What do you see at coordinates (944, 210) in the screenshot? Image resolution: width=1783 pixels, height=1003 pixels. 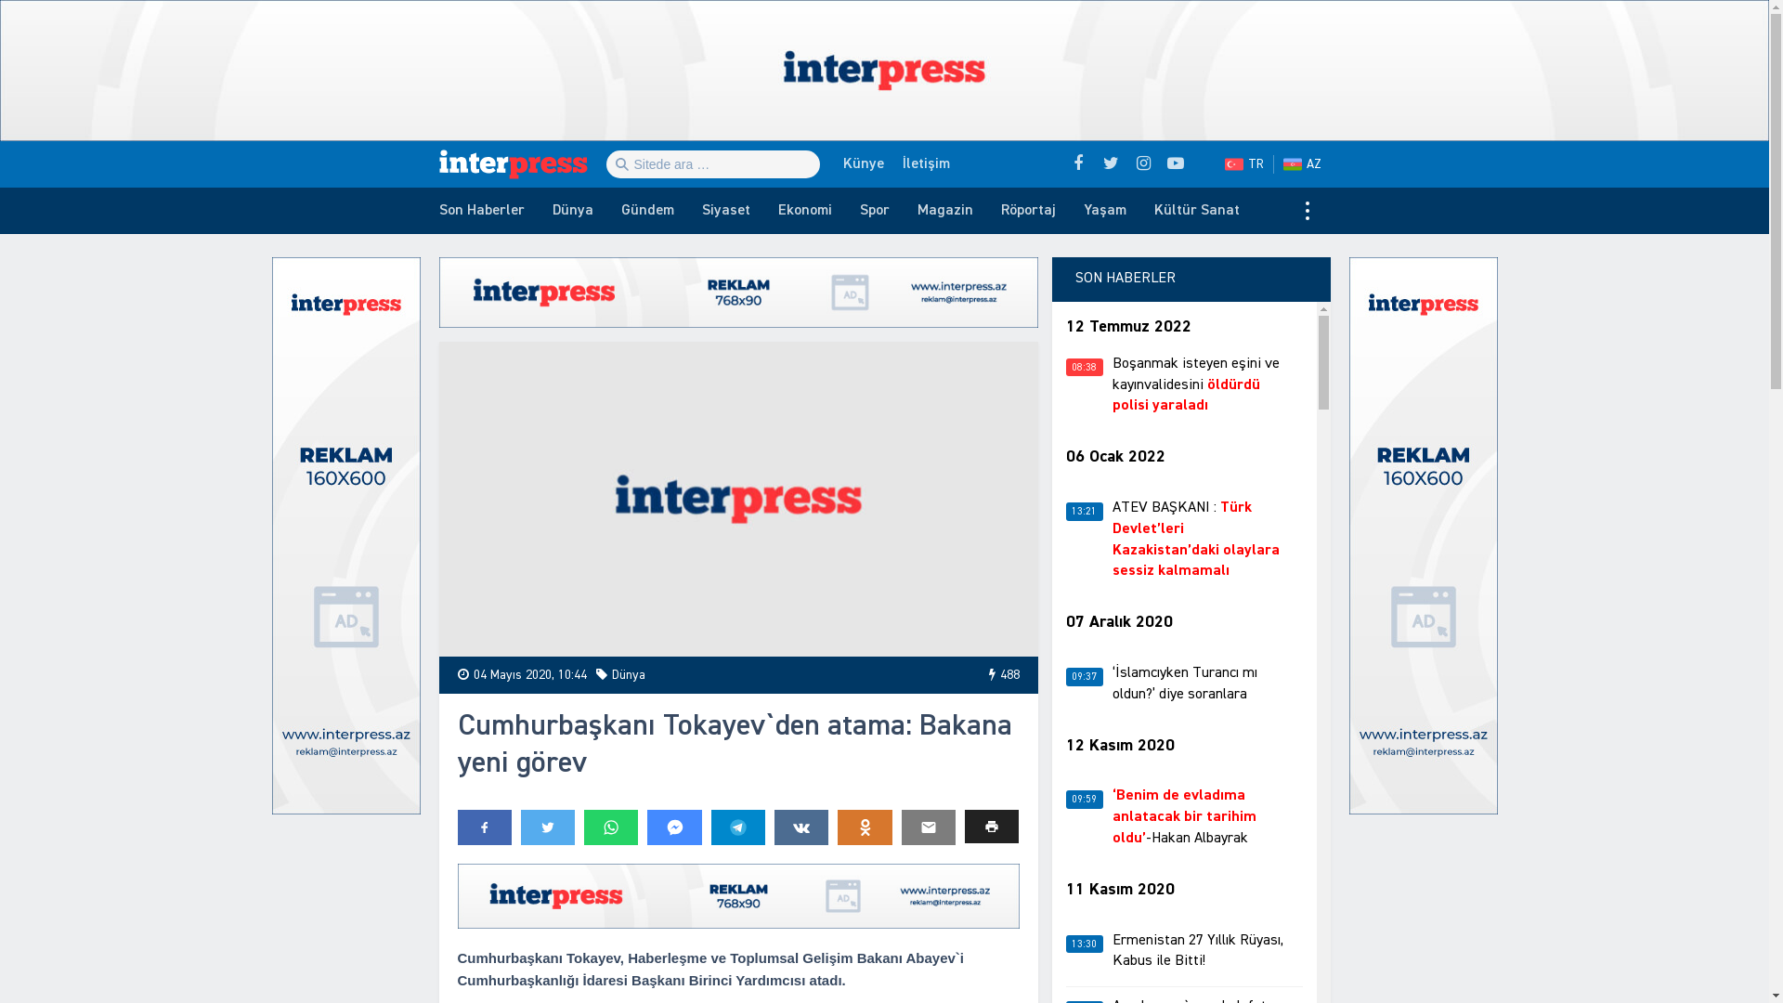 I see `'Magazin'` at bounding box center [944, 210].